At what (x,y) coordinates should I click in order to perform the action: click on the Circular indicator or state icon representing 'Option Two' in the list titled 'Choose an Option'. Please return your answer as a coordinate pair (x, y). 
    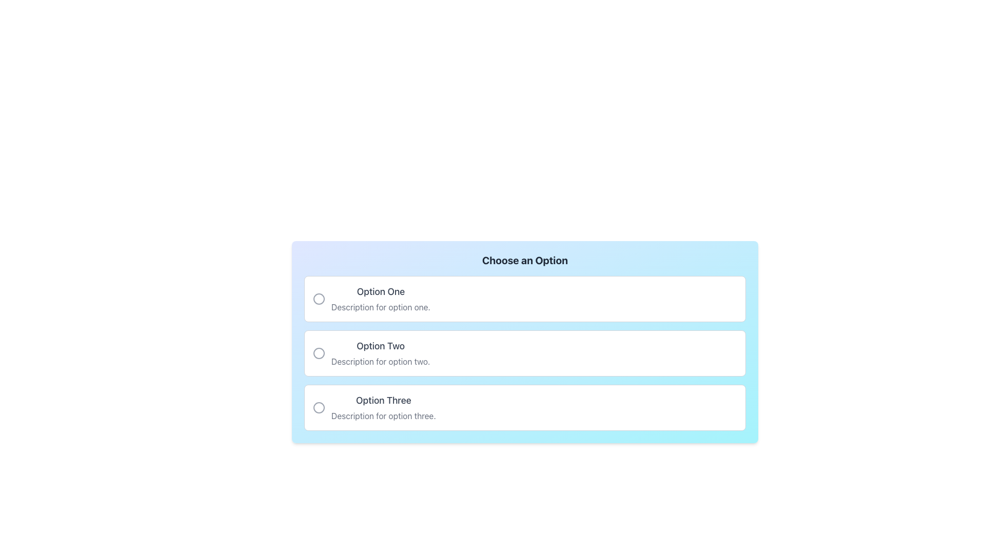
    Looking at the image, I should click on (319, 353).